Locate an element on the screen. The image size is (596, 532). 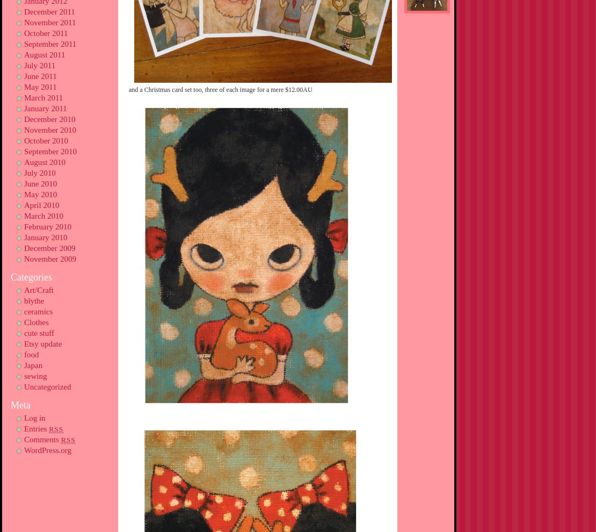
'July 2011' is located at coordinates (39, 64).